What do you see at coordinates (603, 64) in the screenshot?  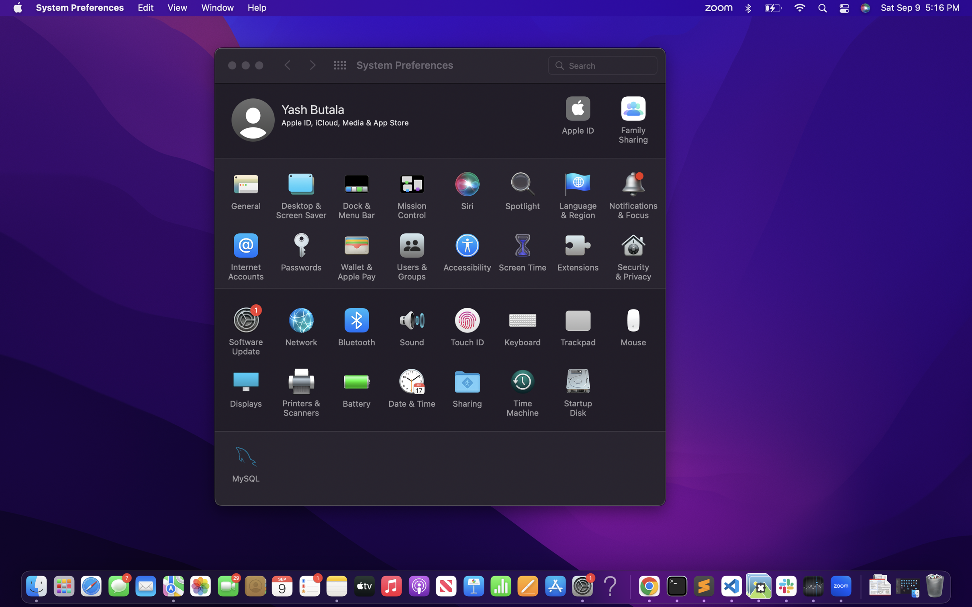 I see `Search for hardware setting in search bar` at bounding box center [603, 64].